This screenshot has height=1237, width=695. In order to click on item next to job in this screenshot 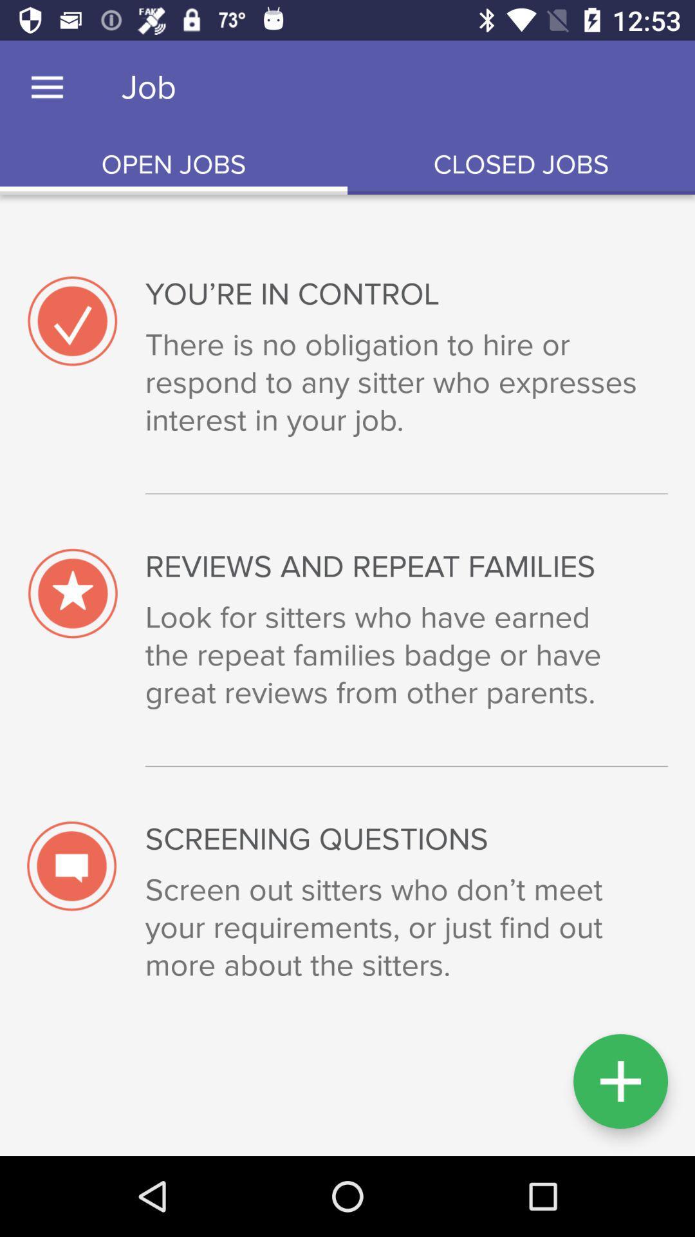, I will do `click(46, 87)`.